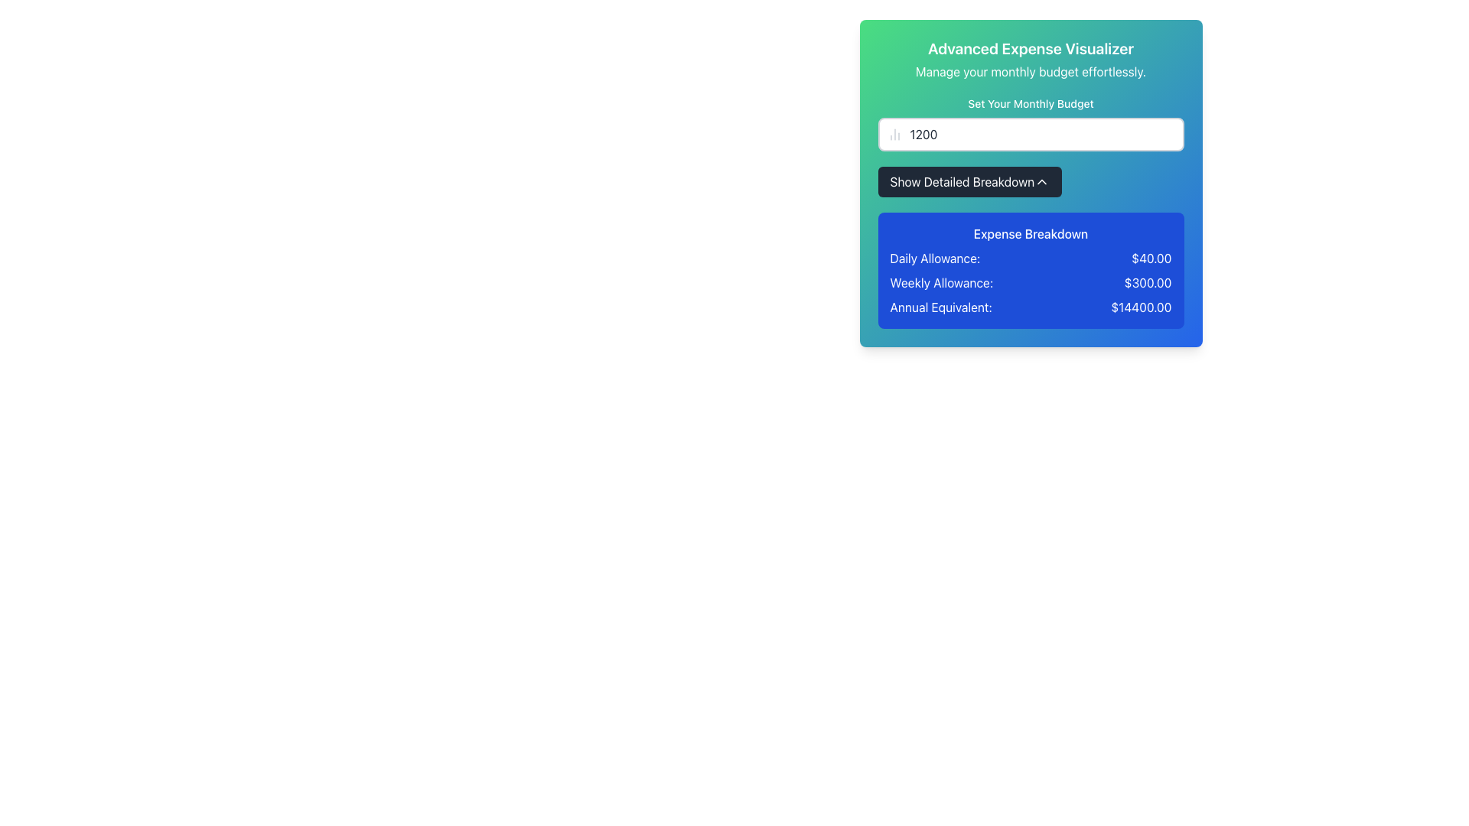 The image size is (1469, 826). What do you see at coordinates (1031, 103) in the screenshot?
I see `the Text Label that provides context and instructions for the user to enter their monthly budget, located directly above the input field` at bounding box center [1031, 103].